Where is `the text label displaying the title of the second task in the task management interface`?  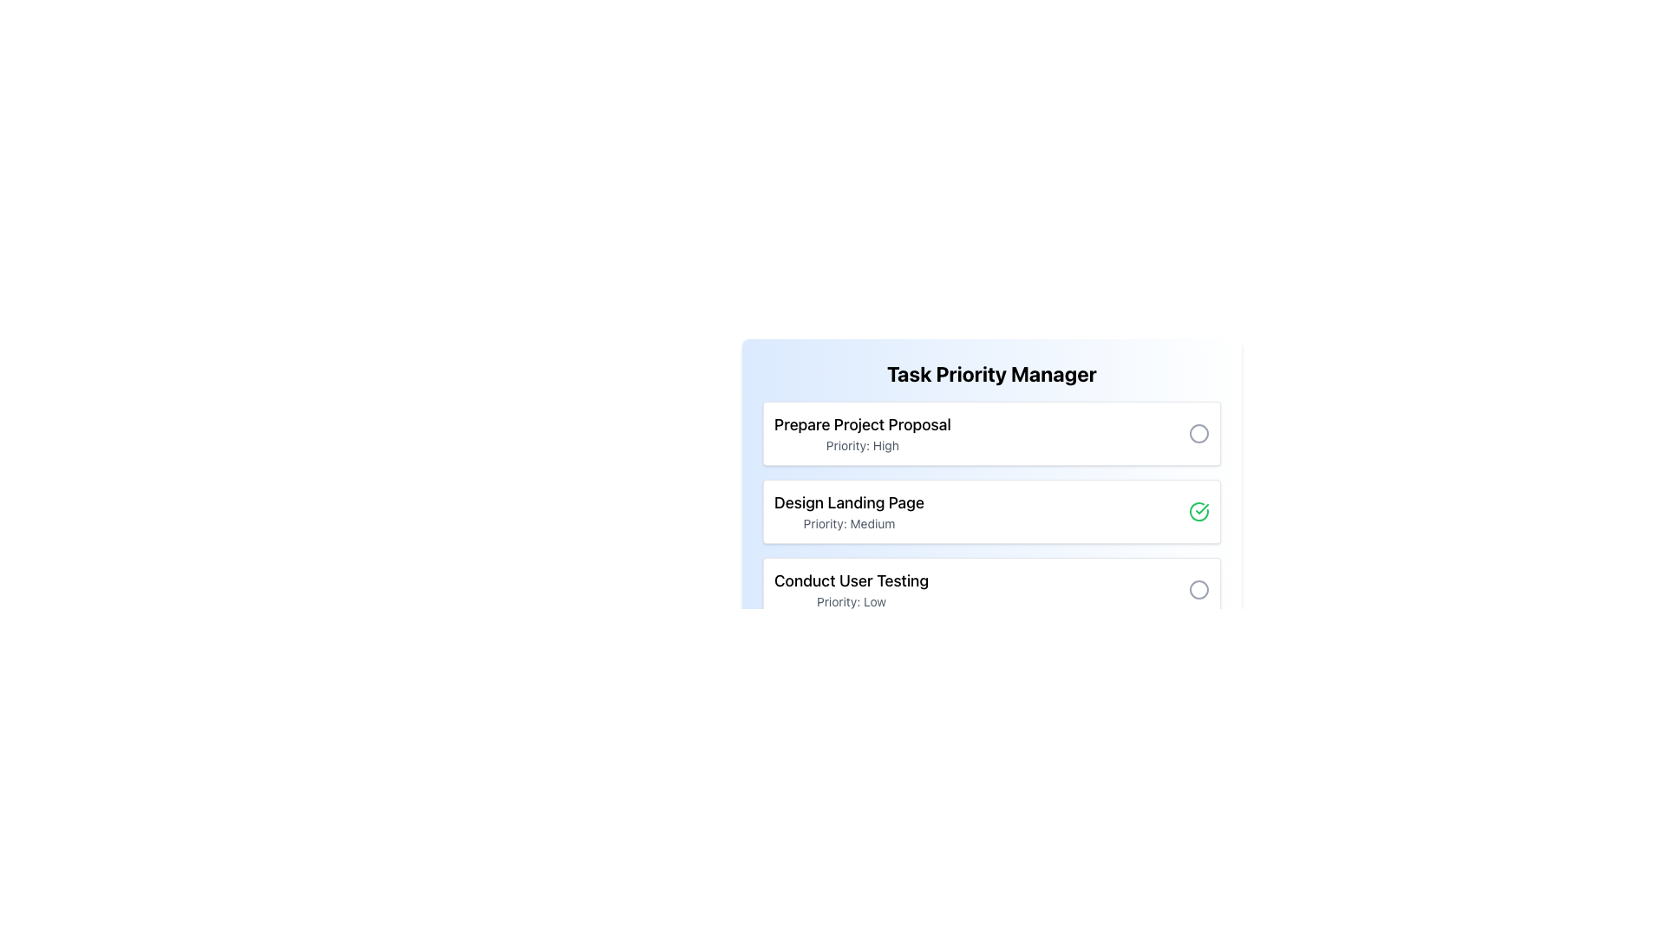 the text label displaying the title of the second task in the task management interface is located at coordinates (849, 502).